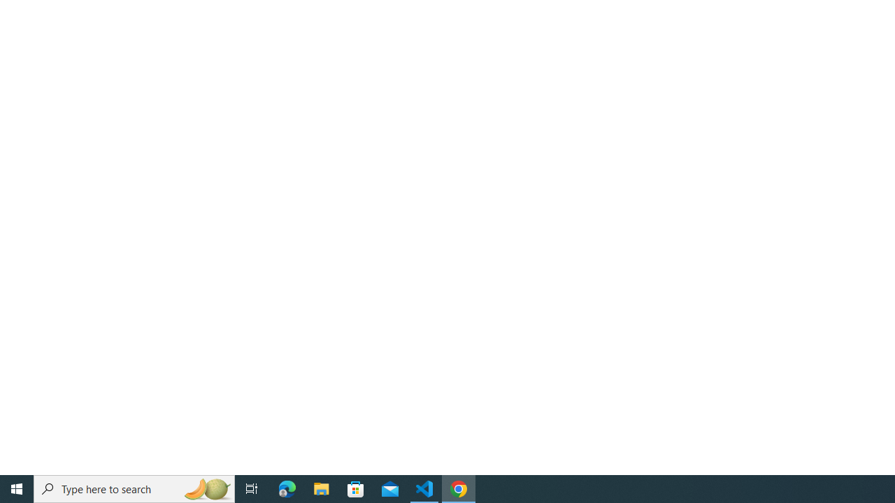  I want to click on 'Task View', so click(251, 488).